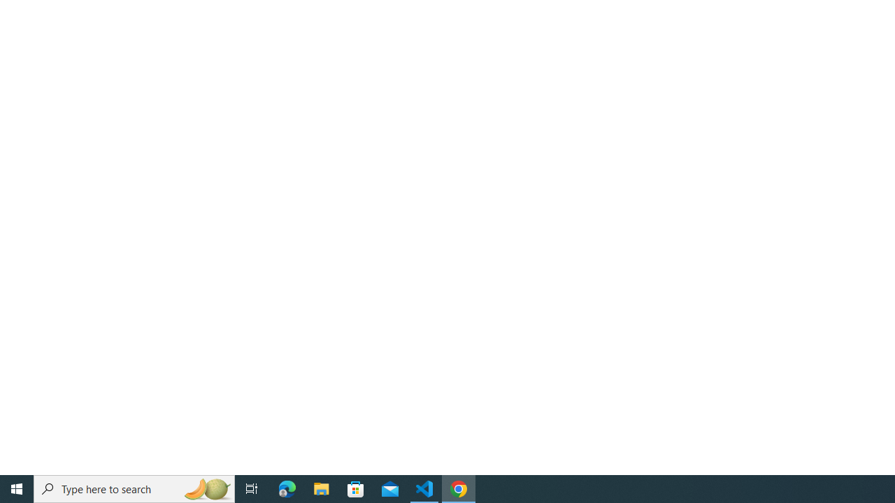  I want to click on 'Task View', so click(251, 488).